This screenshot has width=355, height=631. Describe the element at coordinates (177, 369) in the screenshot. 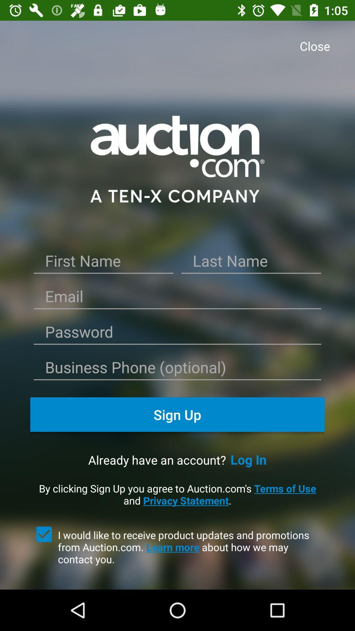

I see `business text bar` at that location.